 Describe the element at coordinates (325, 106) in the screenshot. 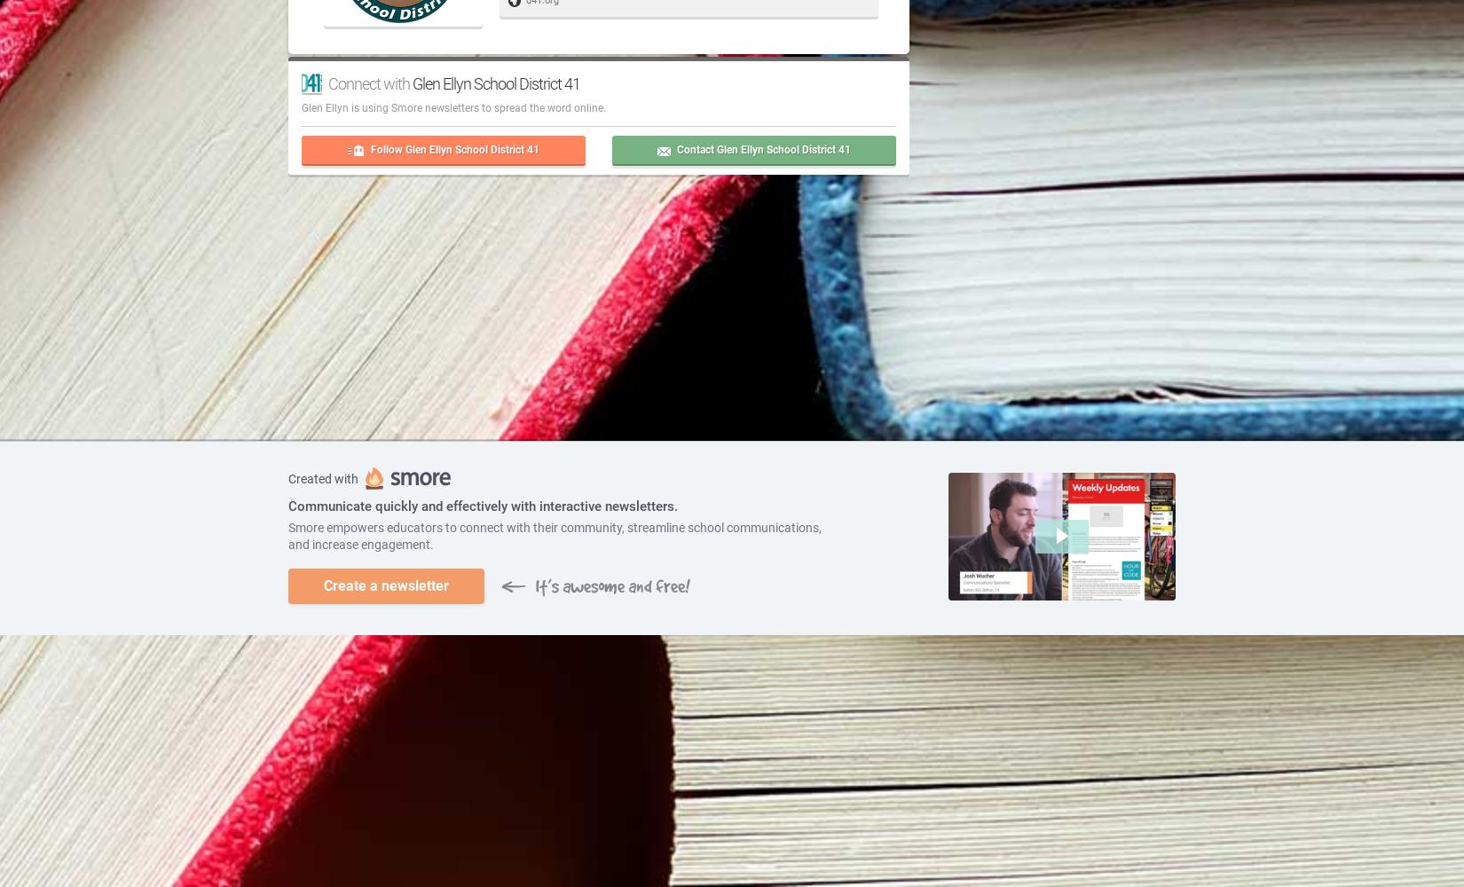

I see `'Glen Ellyn'` at that location.